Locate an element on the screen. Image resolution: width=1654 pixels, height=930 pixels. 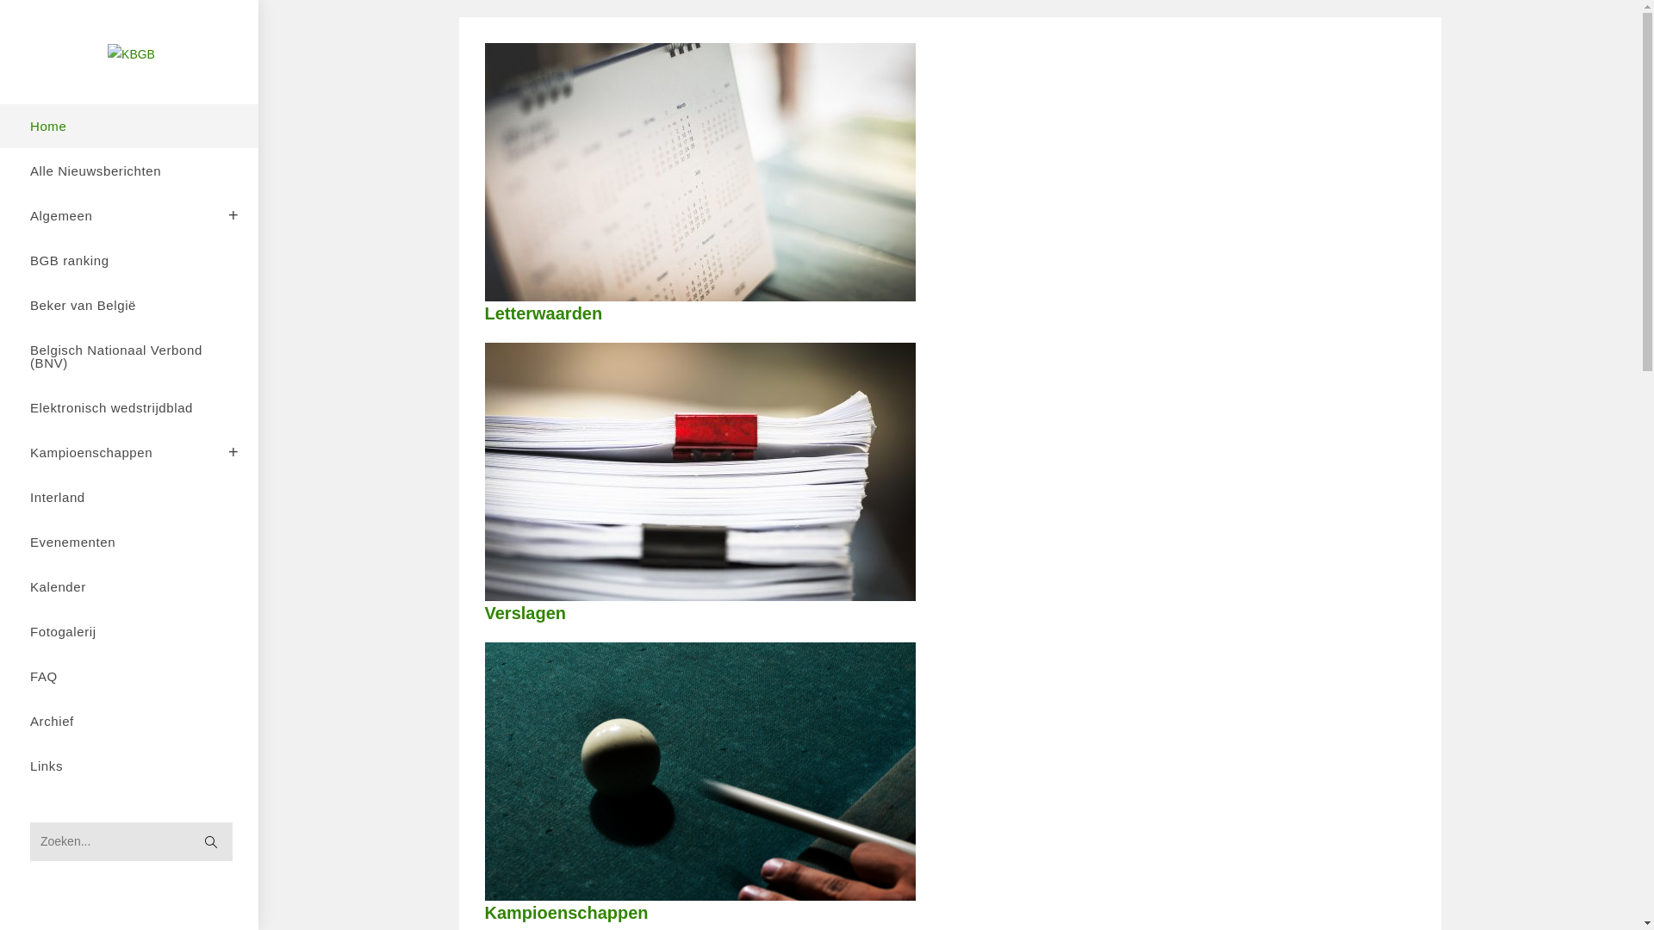
'Kampioenschappen' is located at coordinates (127, 451).